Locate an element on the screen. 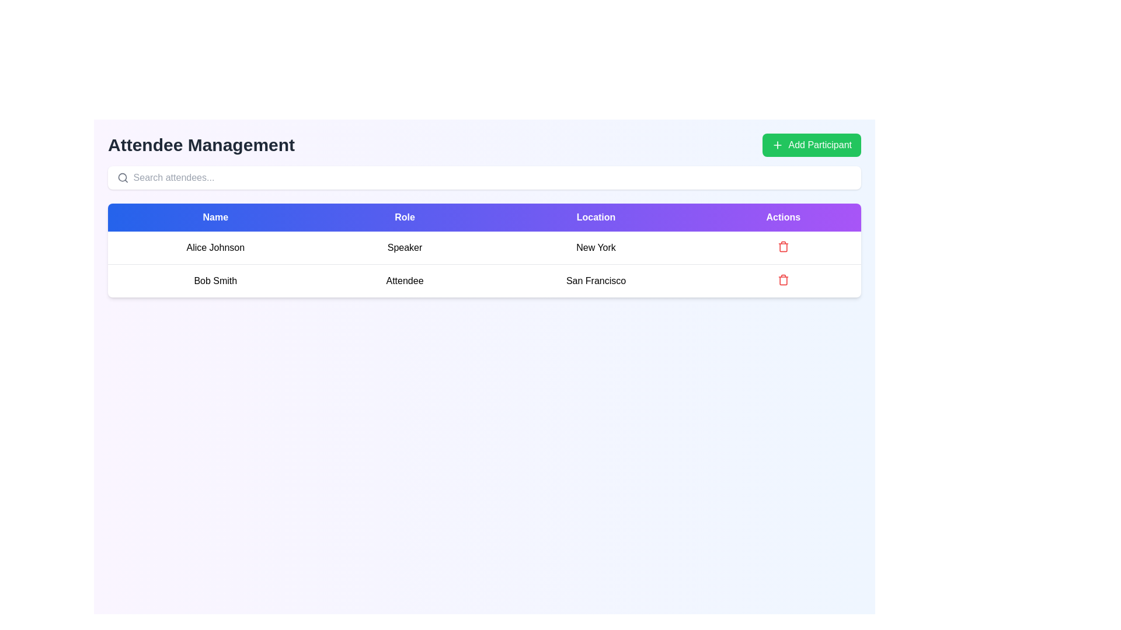 The image size is (1121, 630). the '+' icon which is a thin white stroke on a green button labeled 'Add Participant', located in the upper-right corner of the interface is located at coordinates (778, 145).